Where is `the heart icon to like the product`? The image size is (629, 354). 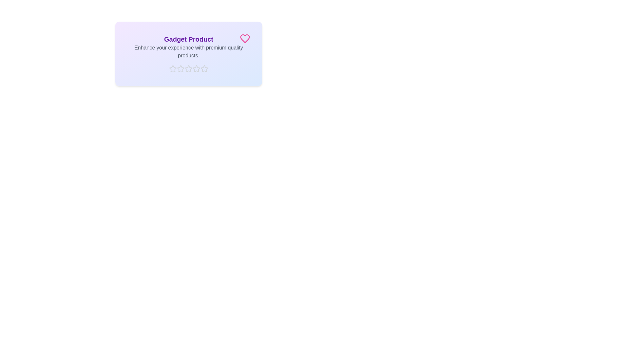 the heart icon to like the product is located at coordinates (245, 39).